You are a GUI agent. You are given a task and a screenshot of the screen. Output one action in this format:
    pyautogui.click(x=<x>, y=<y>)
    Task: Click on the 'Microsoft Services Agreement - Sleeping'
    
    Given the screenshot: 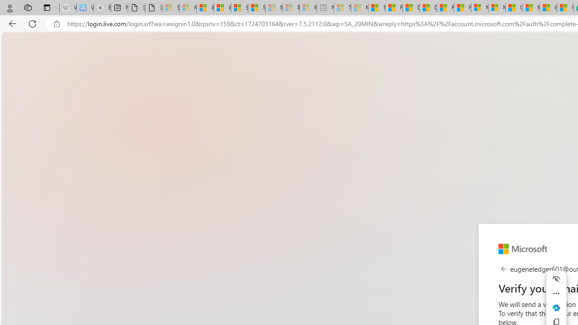 What is the action you would take?
    pyautogui.click(x=187, y=8)
    